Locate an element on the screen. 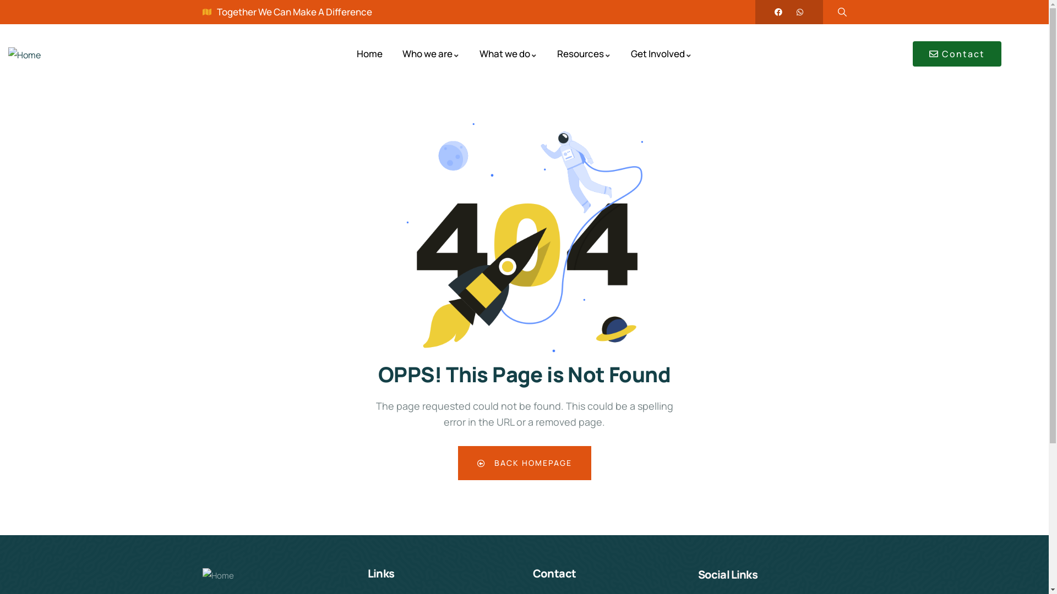 The width and height of the screenshot is (1057, 594). 'Home' is located at coordinates (369, 54).